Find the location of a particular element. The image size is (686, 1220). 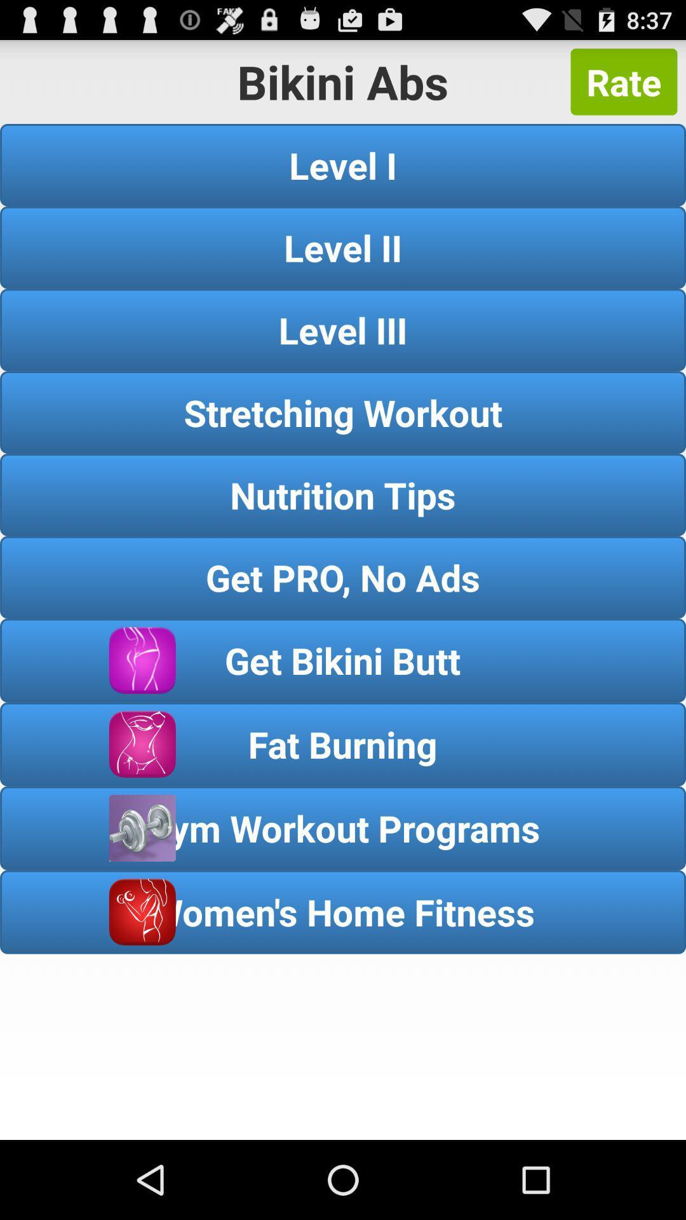

item above the nutrition tips is located at coordinates (343, 412).